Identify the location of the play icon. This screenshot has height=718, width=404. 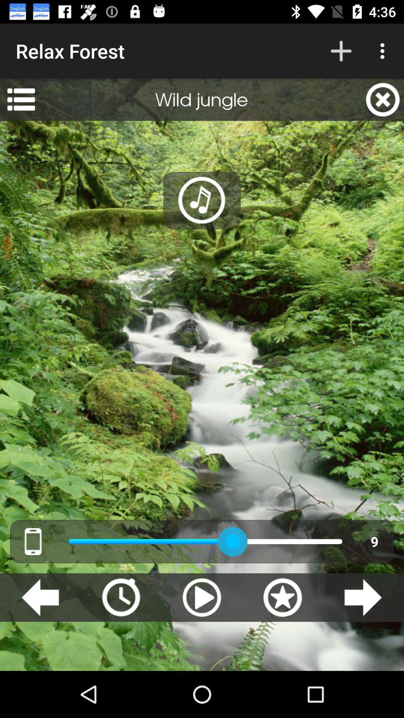
(201, 597).